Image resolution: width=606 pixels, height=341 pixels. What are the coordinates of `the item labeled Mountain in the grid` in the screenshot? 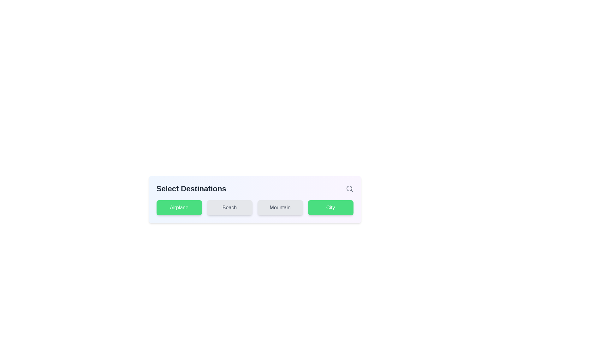 It's located at (280, 208).